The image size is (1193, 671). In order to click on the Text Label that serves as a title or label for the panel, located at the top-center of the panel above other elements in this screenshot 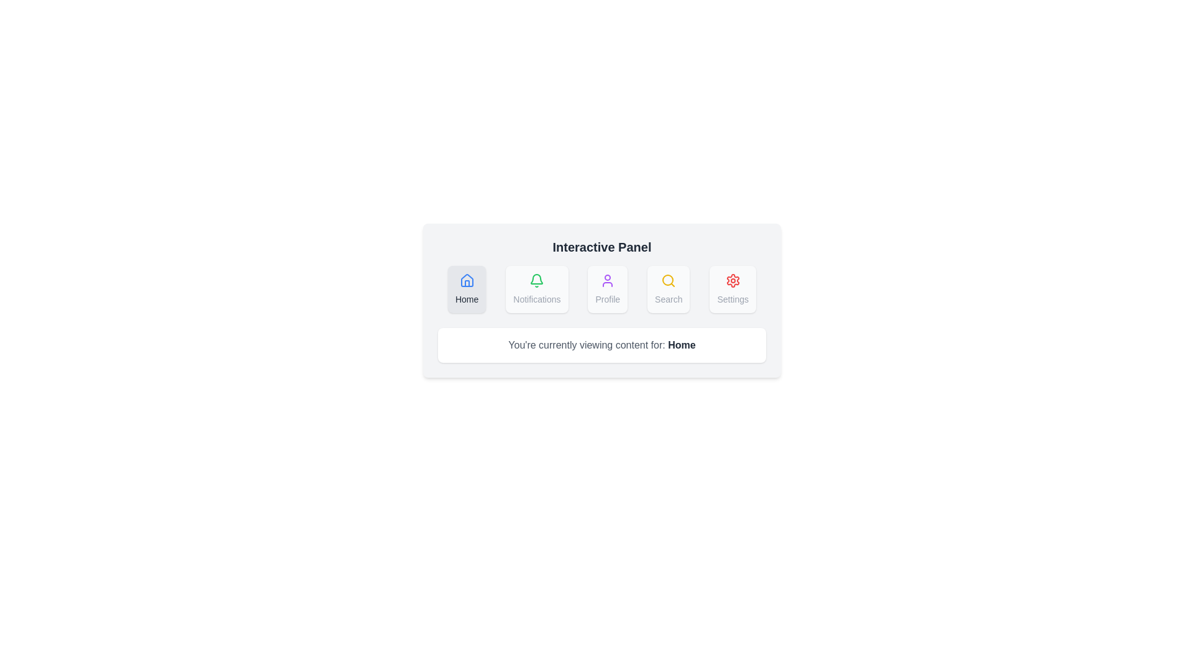, I will do `click(602, 247)`.